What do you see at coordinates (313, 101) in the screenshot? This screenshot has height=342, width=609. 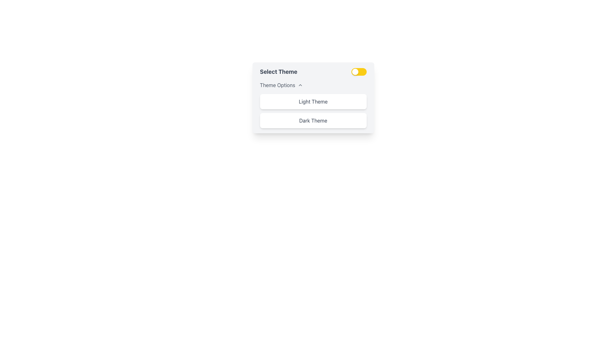 I see `the 'Light Theme' button, which is a rectangular button with rounded corners located beneath the 'Theme Options' label and above the 'Dark Theme' button` at bounding box center [313, 101].